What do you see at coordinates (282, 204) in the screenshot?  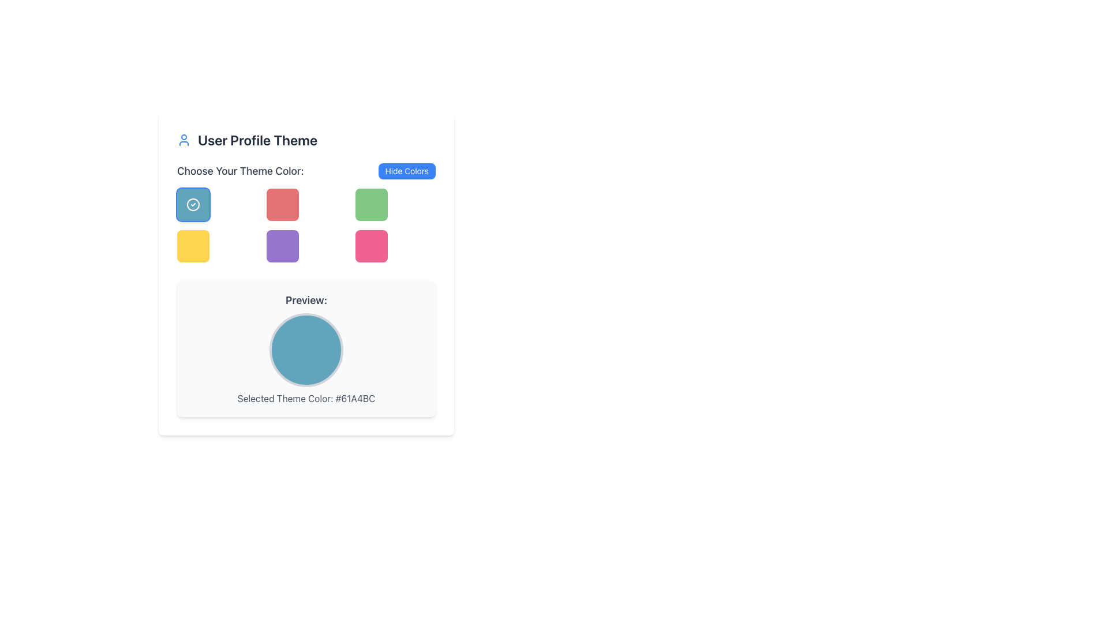 I see `the solid red button with rounded corners in the 'Choose Your Theme Color' grid` at bounding box center [282, 204].